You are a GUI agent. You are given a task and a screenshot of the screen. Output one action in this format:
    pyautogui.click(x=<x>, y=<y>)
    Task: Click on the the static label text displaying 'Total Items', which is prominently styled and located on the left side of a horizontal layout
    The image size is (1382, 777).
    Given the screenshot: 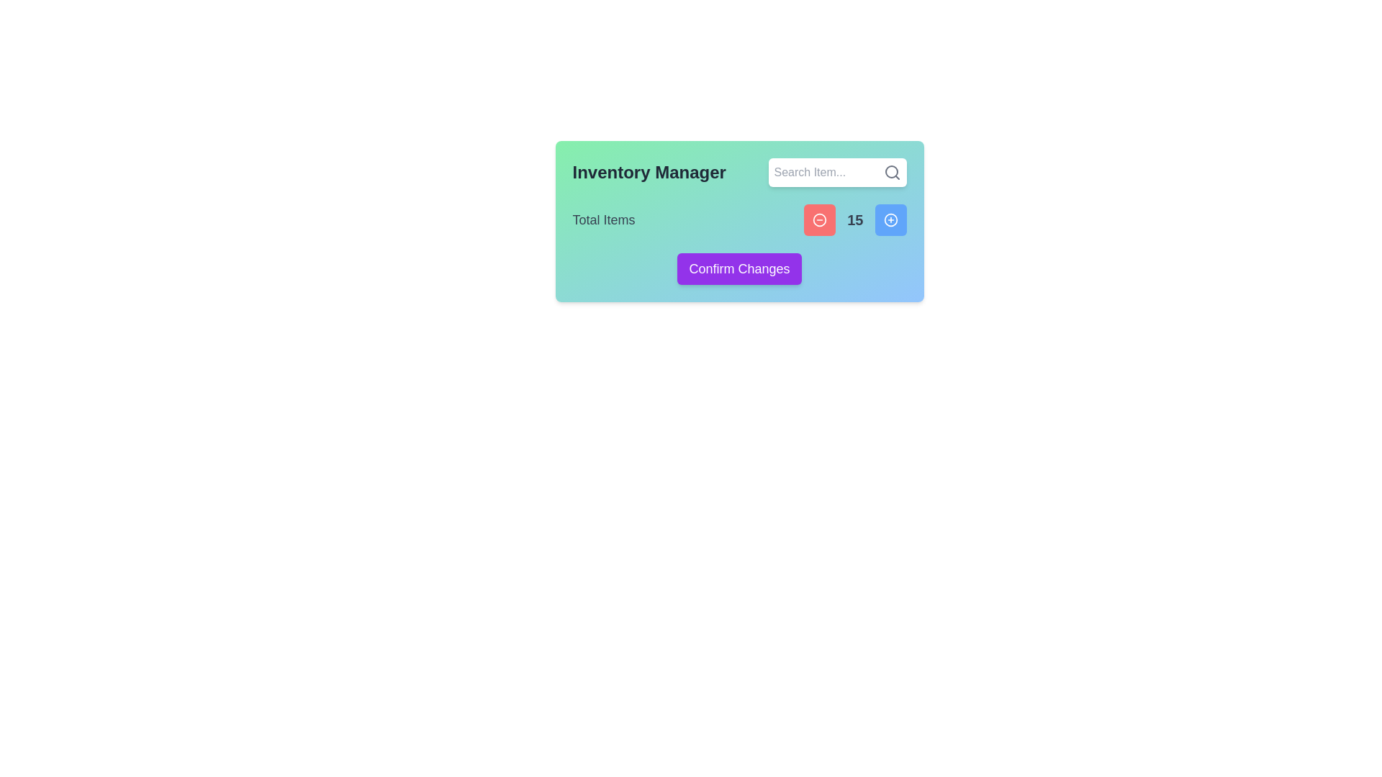 What is the action you would take?
    pyautogui.click(x=604, y=219)
    